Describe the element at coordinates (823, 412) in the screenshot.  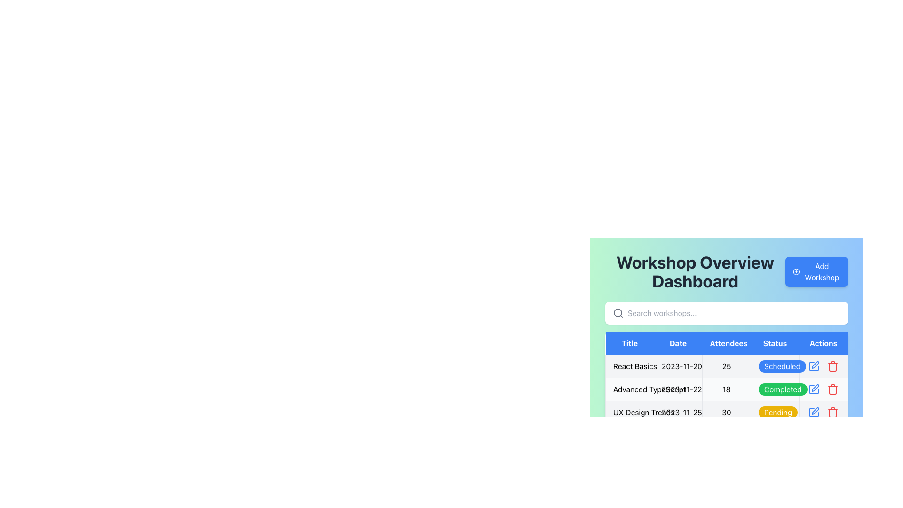
I see `the red trash icon in the horizontal group of action icons within the 'Actions' column for the 'UX Design Toolkit' entry` at that location.